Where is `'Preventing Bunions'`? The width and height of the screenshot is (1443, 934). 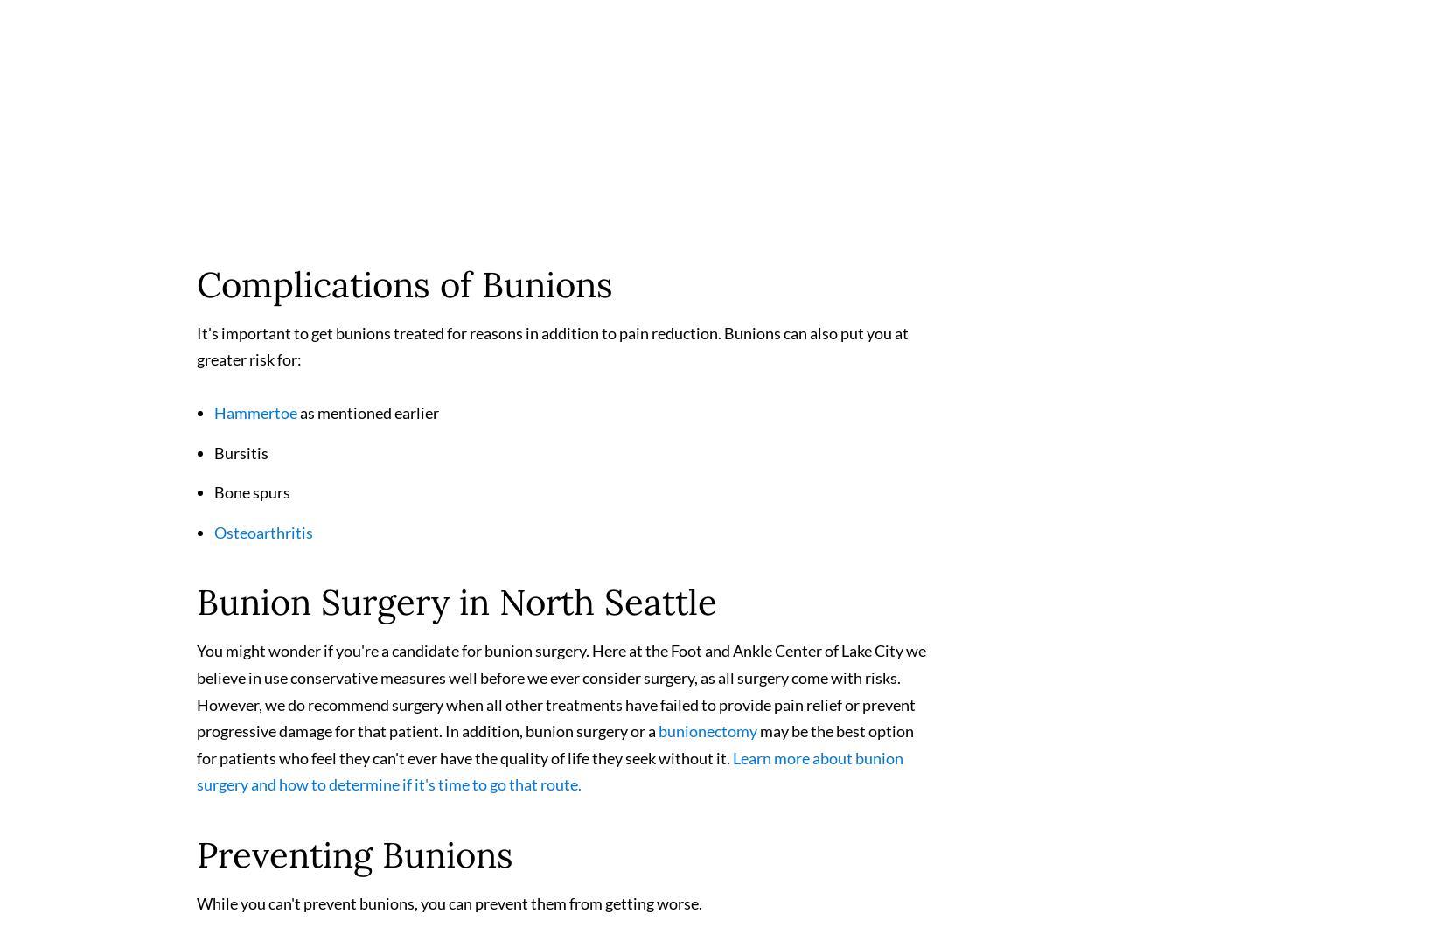
'Preventing Bunions' is located at coordinates (197, 861).